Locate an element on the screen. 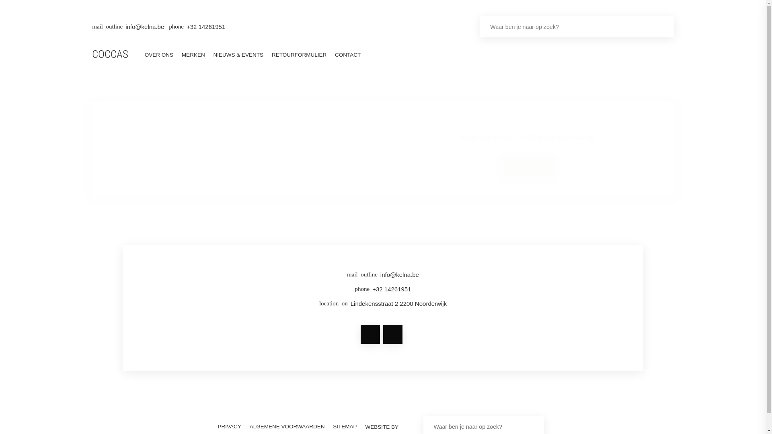 The image size is (772, 434). 'phone is located at coordinates (197, 26).